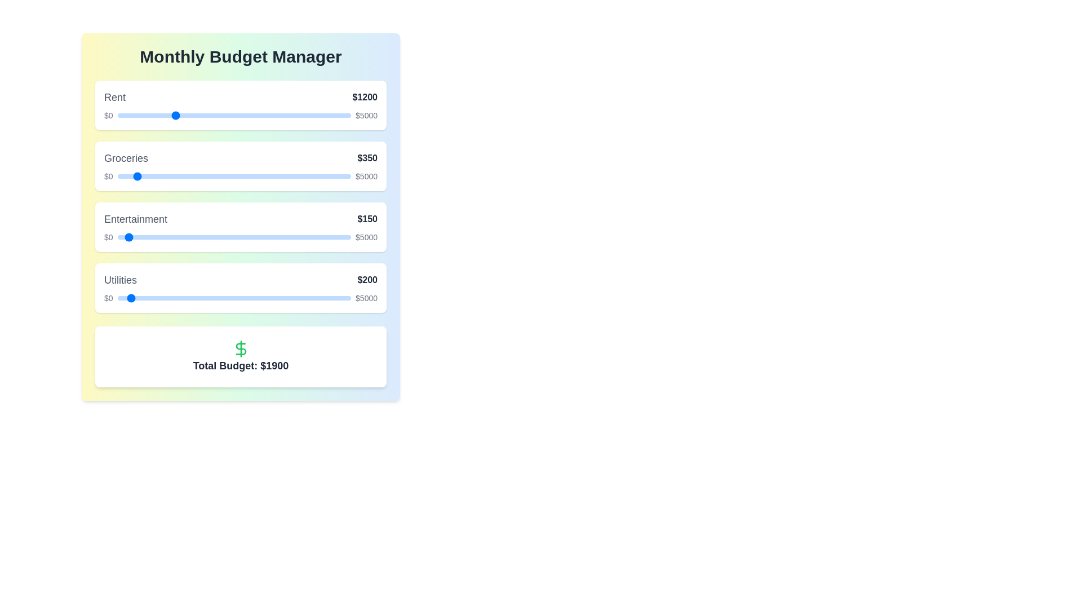 The image size is (1082, 609). Describe the element at coordinates (365, 97) in the screenshot. I see `the text label displaying '$1200', which is the monetary value for the 'Rent' category in the Monthly Budget Manager interface` at that location.